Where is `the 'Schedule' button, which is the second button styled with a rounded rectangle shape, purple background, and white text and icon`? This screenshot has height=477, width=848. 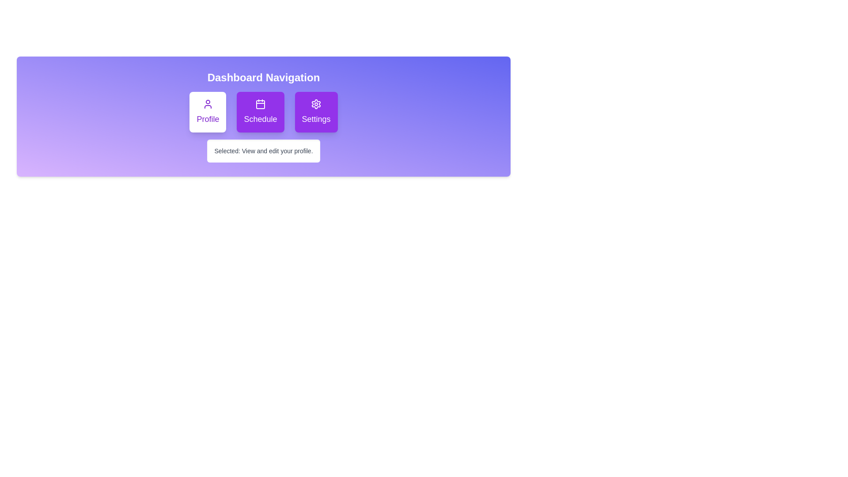
the 'Schedule' button, which is the second button styled with a rounded rectangle shape, purple background, and white text and icon is located at coordinates (260, 112).